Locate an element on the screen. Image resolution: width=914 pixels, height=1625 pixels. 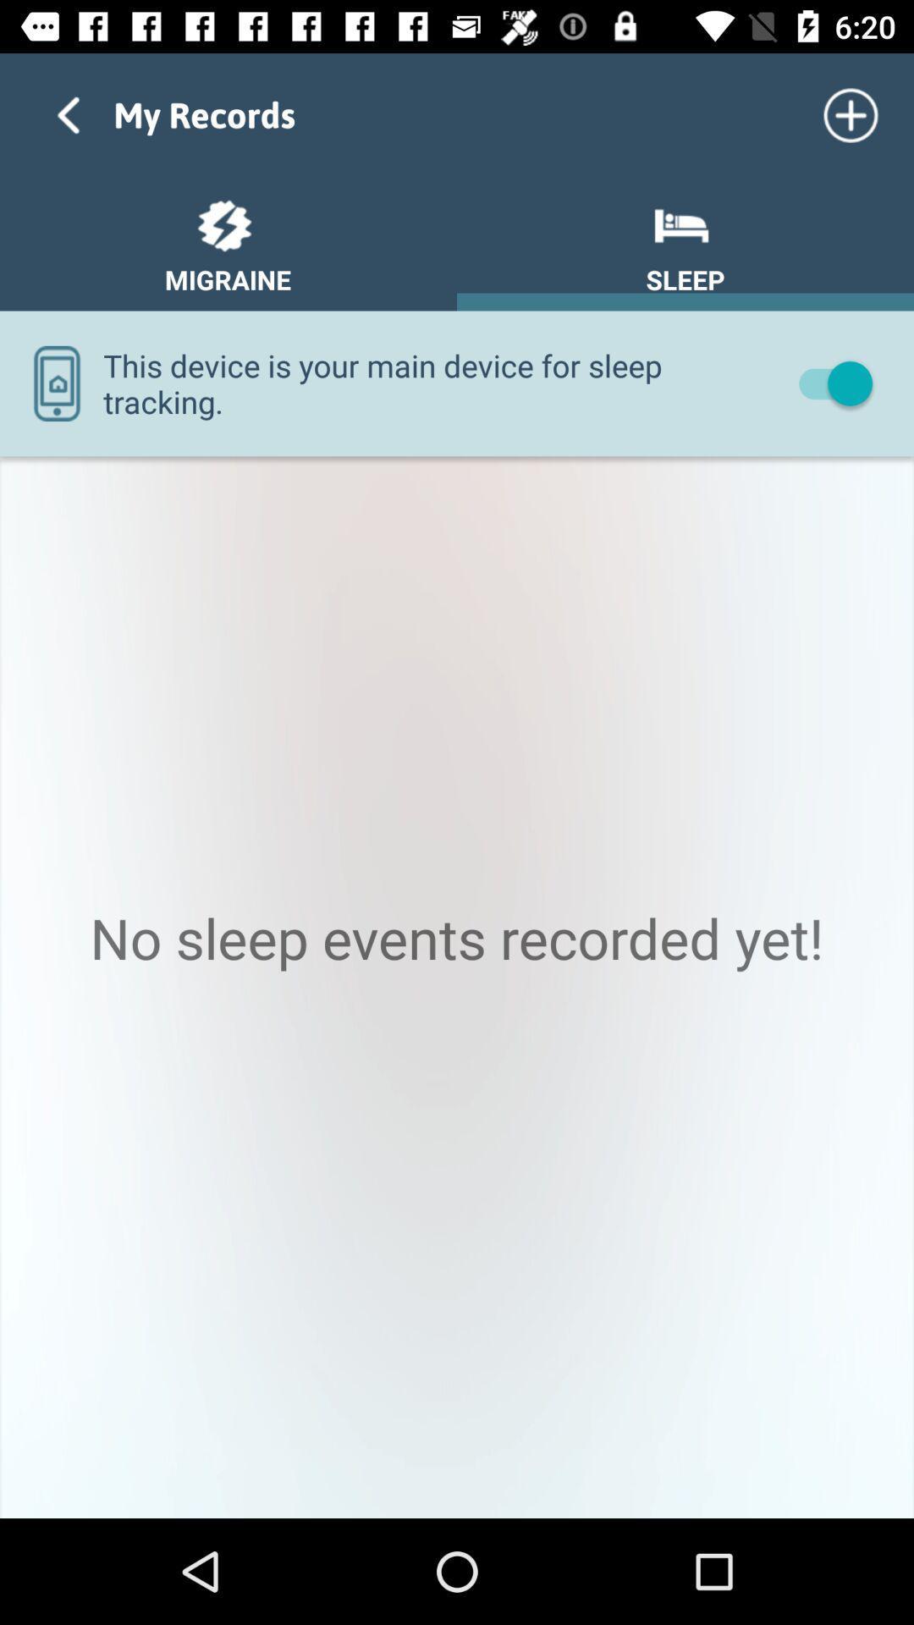
item below this device is is located at coordinates (457, 987).